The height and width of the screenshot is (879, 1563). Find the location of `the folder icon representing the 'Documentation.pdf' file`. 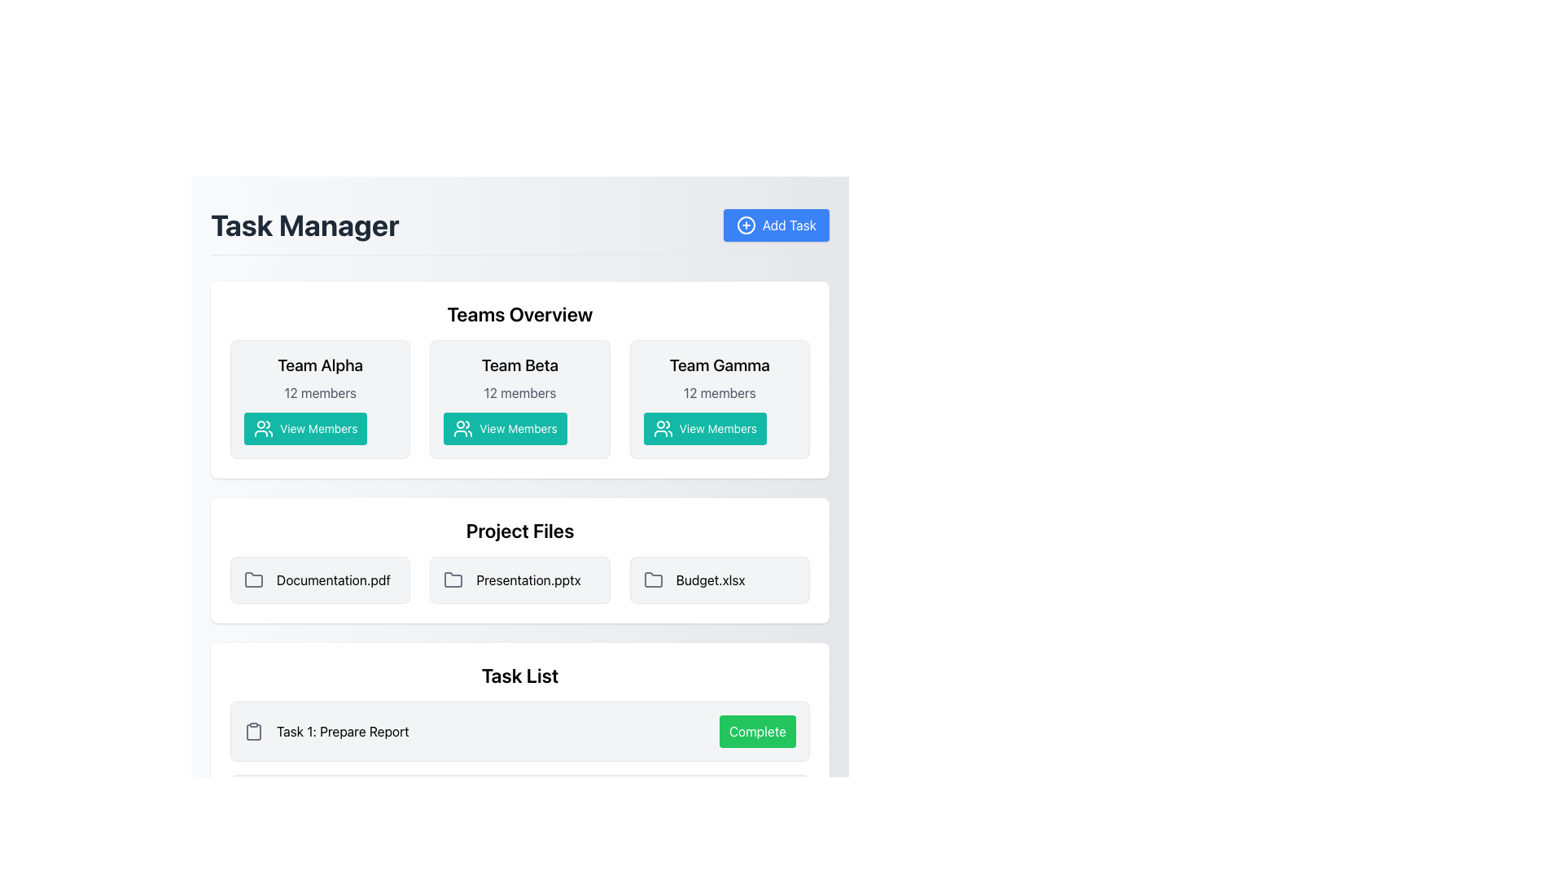

the folder icon representing the 'Documentation.pdf' file is located at coordinates (253, 579).